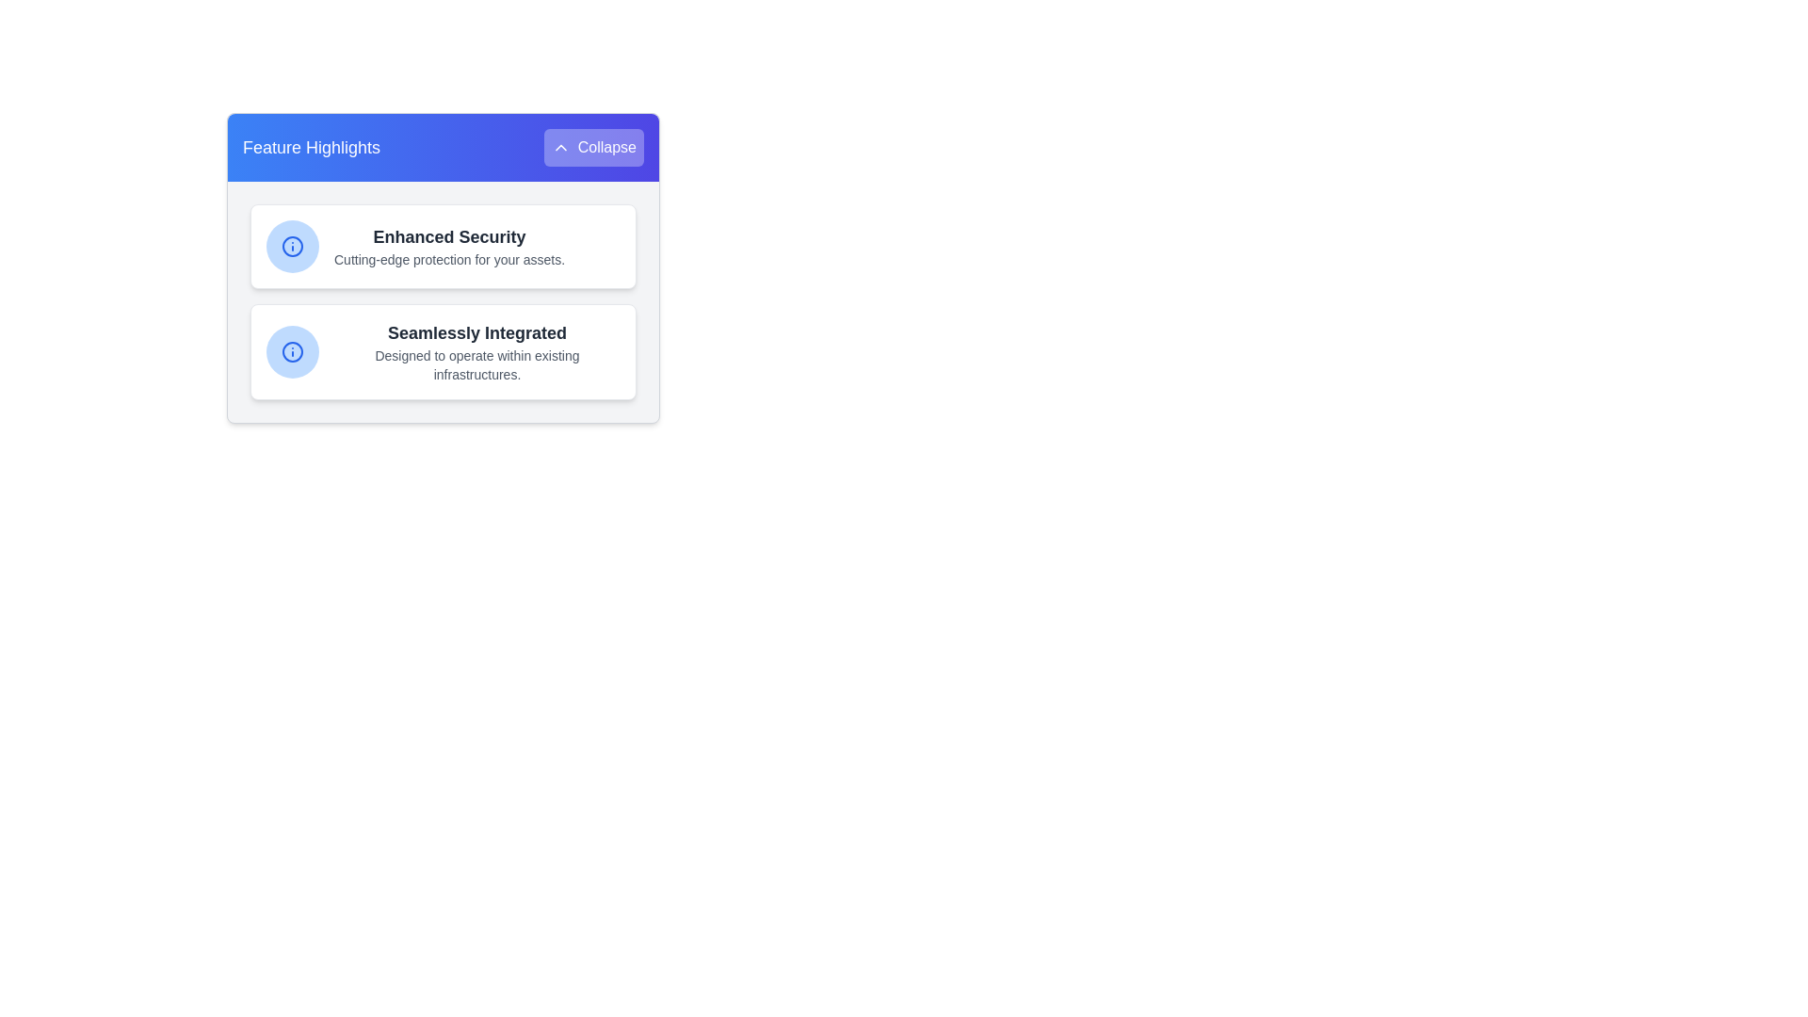 Image resolution: width=1808 pixels, height=1017 pixels. I want to click on the collapse button located at the top-right corner of the 'Feature Highlights' section to change the background opacity, so click(592, 147).